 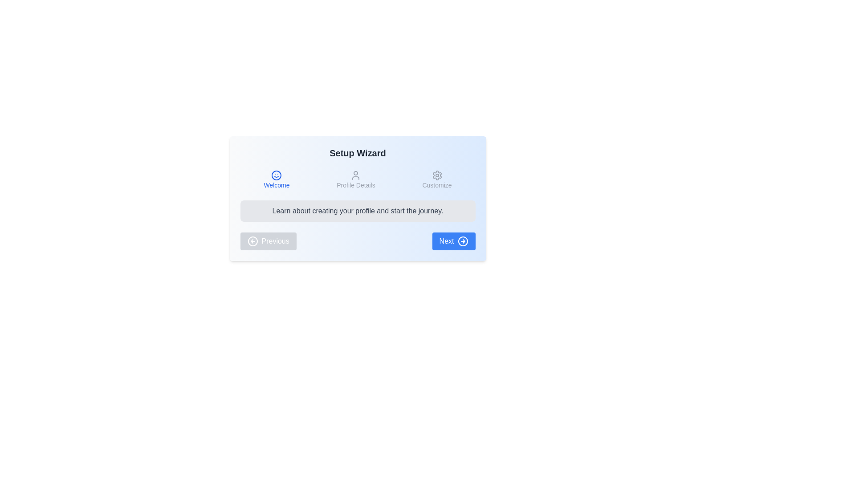 What do you see at coordinates (358, 211) in the screenshot?
I see `the text box that contains the message 'Learn about creating your profile and start the journey.' It is a rectangular box with a light gray background, located below the section indicators in a wizard-style interface` at bounding box center [358, 211].